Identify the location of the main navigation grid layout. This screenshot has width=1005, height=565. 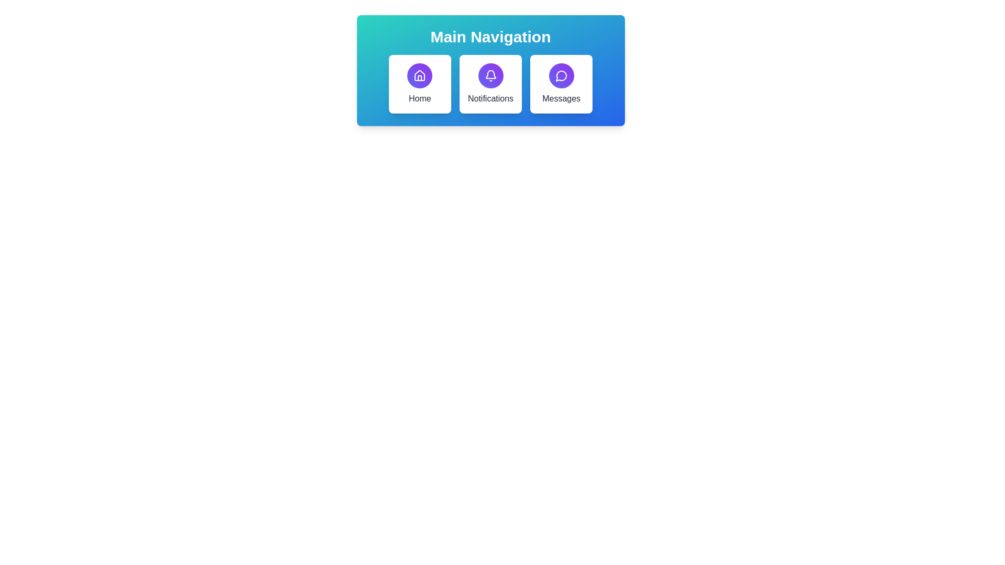
(490, 84).